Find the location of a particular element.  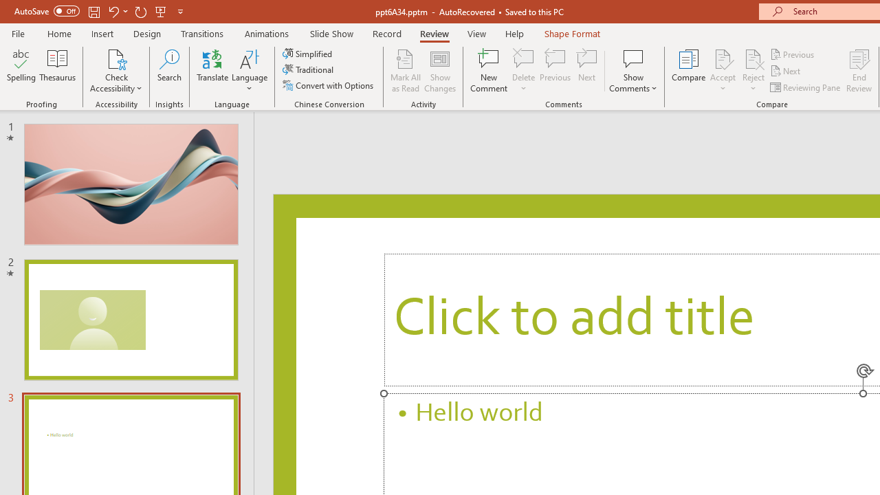

'Simplified' is located at coordinates (308, 53).